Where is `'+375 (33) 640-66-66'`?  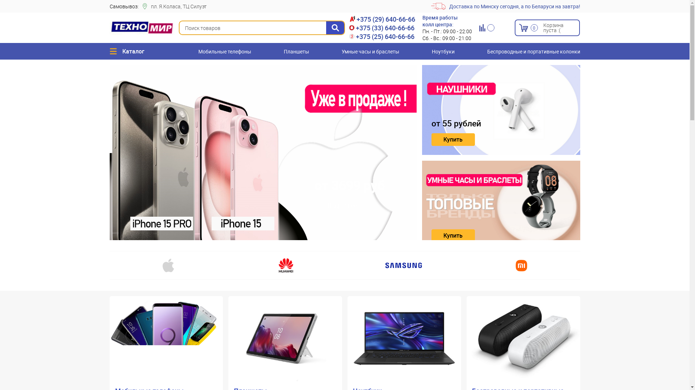
'+375 (33) 640-66-66' is located at coordinates (382, 27).